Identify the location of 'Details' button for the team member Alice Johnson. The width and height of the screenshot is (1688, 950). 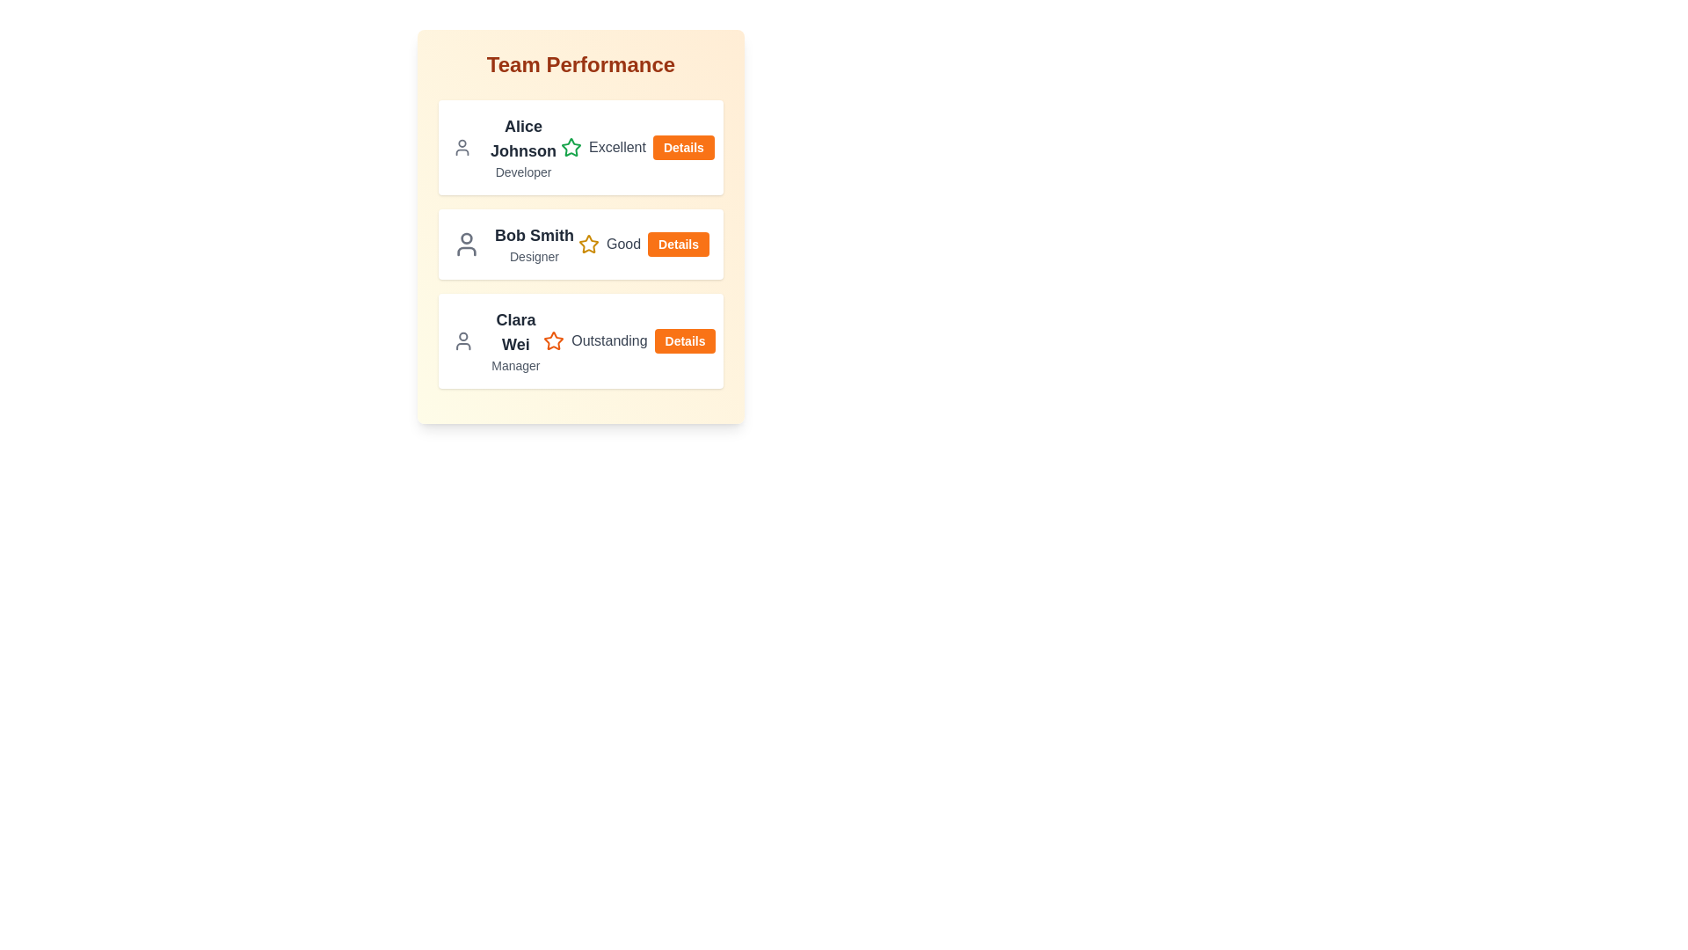
(682, 147).